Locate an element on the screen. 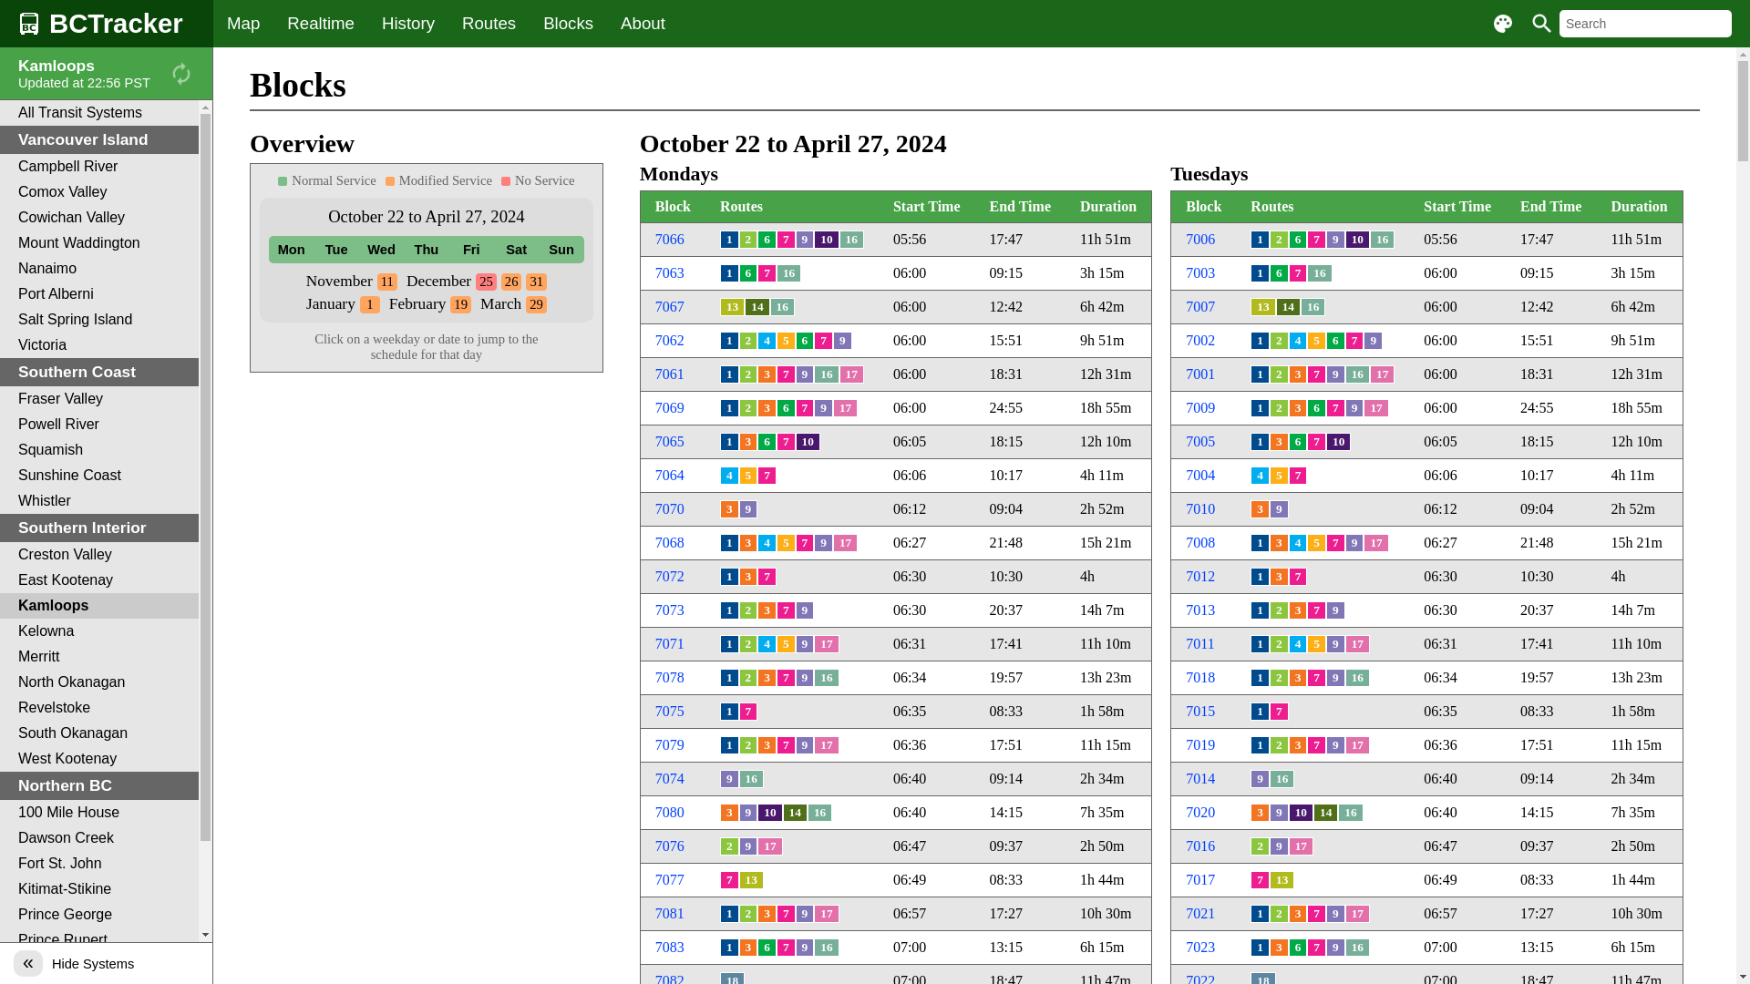 This screenshot has height=984, width=1750. '16' is located at coordinates (1357, 678).